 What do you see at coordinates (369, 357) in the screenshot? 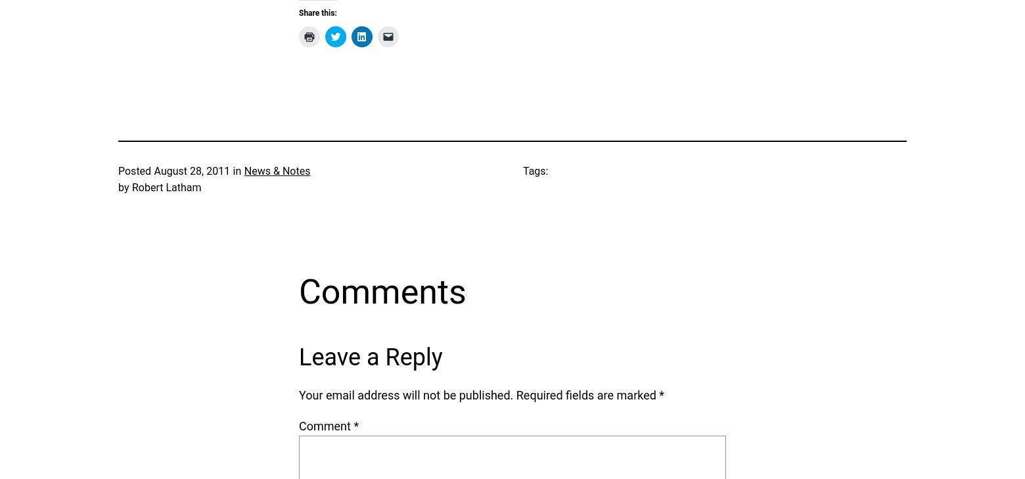
I see `'Leave a Reply'` at bounding box center [369, 357].